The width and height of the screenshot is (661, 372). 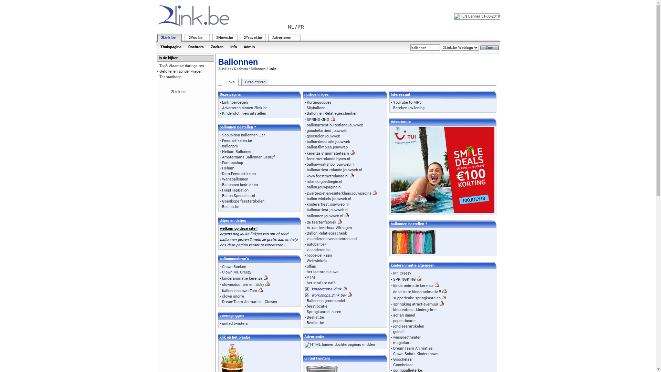 What do you see at coordinates (241, 69) in the screenshot?
I see `'Dochters'` at bounding box center [241, 69].